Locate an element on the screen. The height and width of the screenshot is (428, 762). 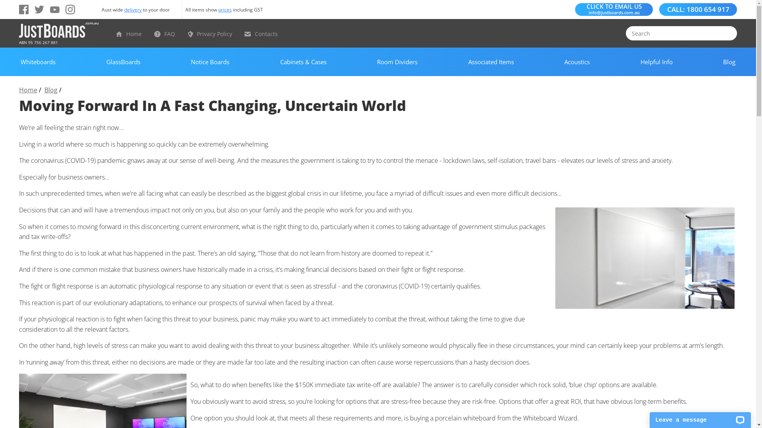
'FAQ' is located at coordinates (169, 33).